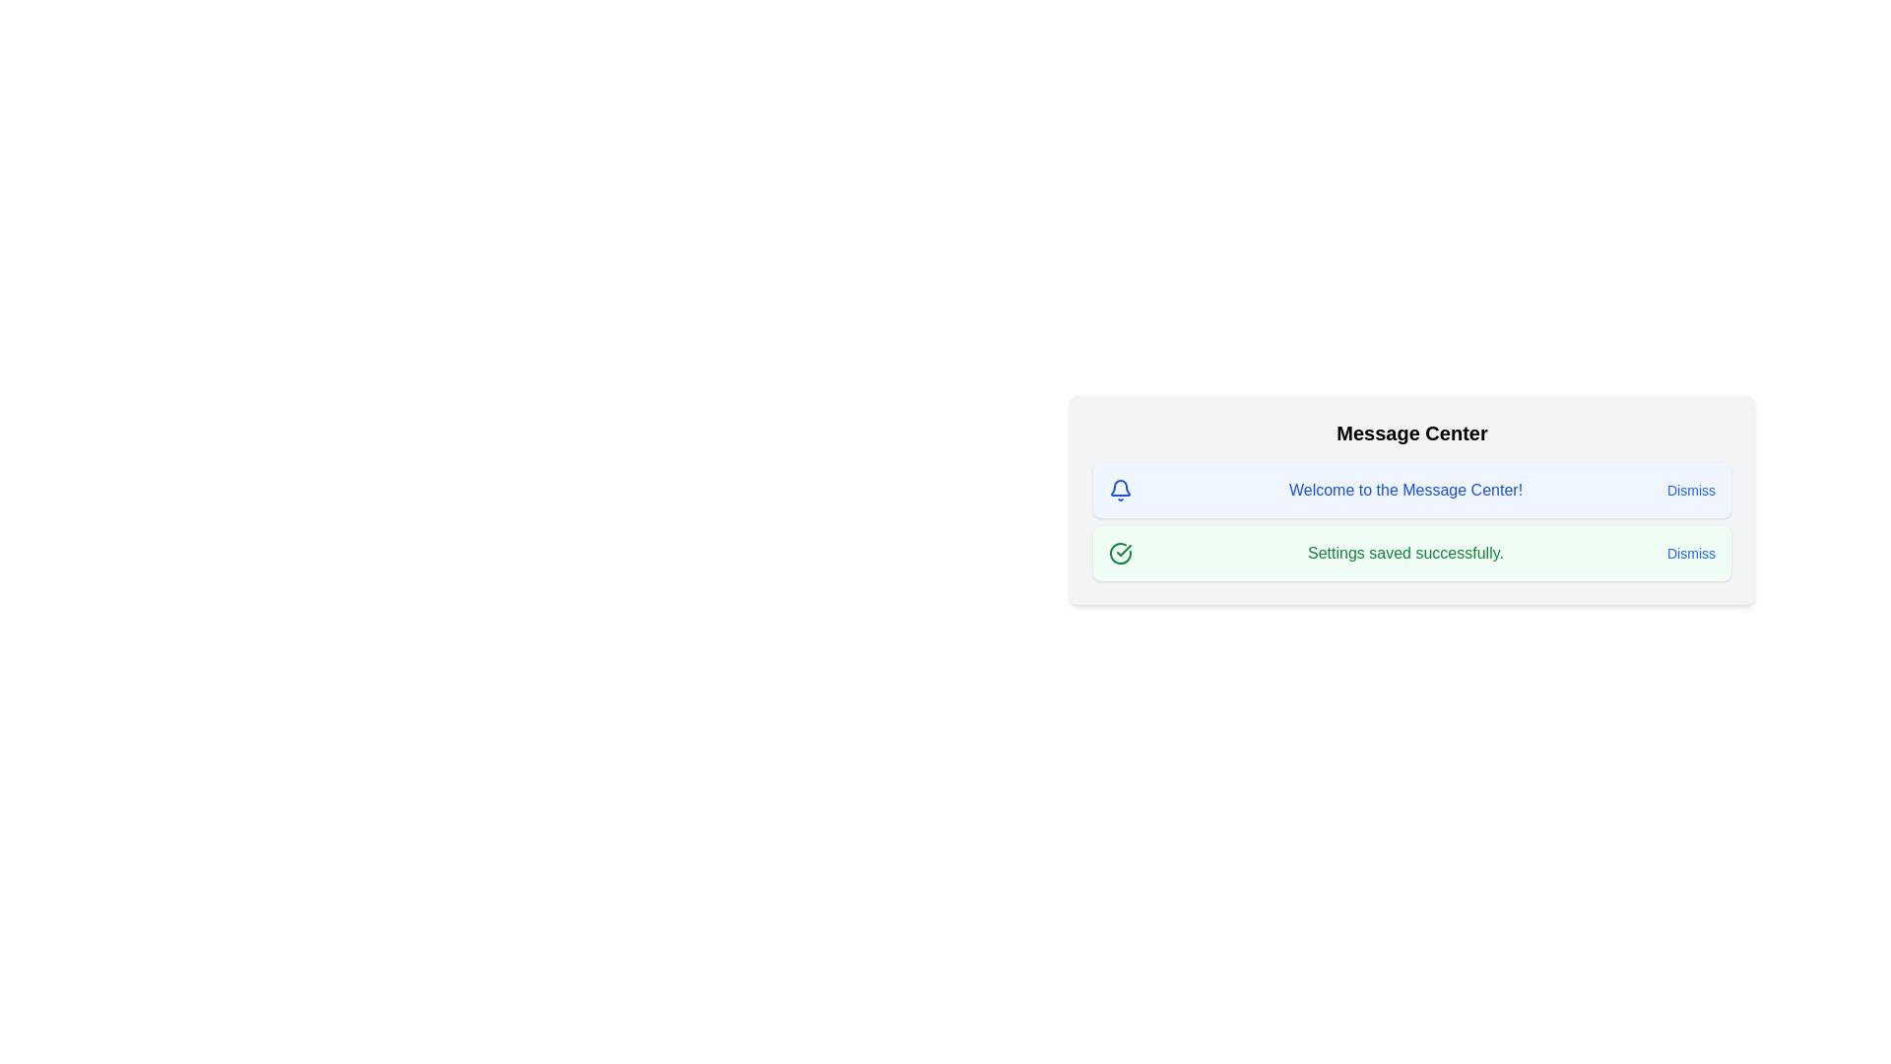 This screenshot has width=1891, height=1064. What do you see at coordinates (1120, 489) in the screenshot?
I see `the icon corresponding to the message type info` at bounding box center [1120, 489].